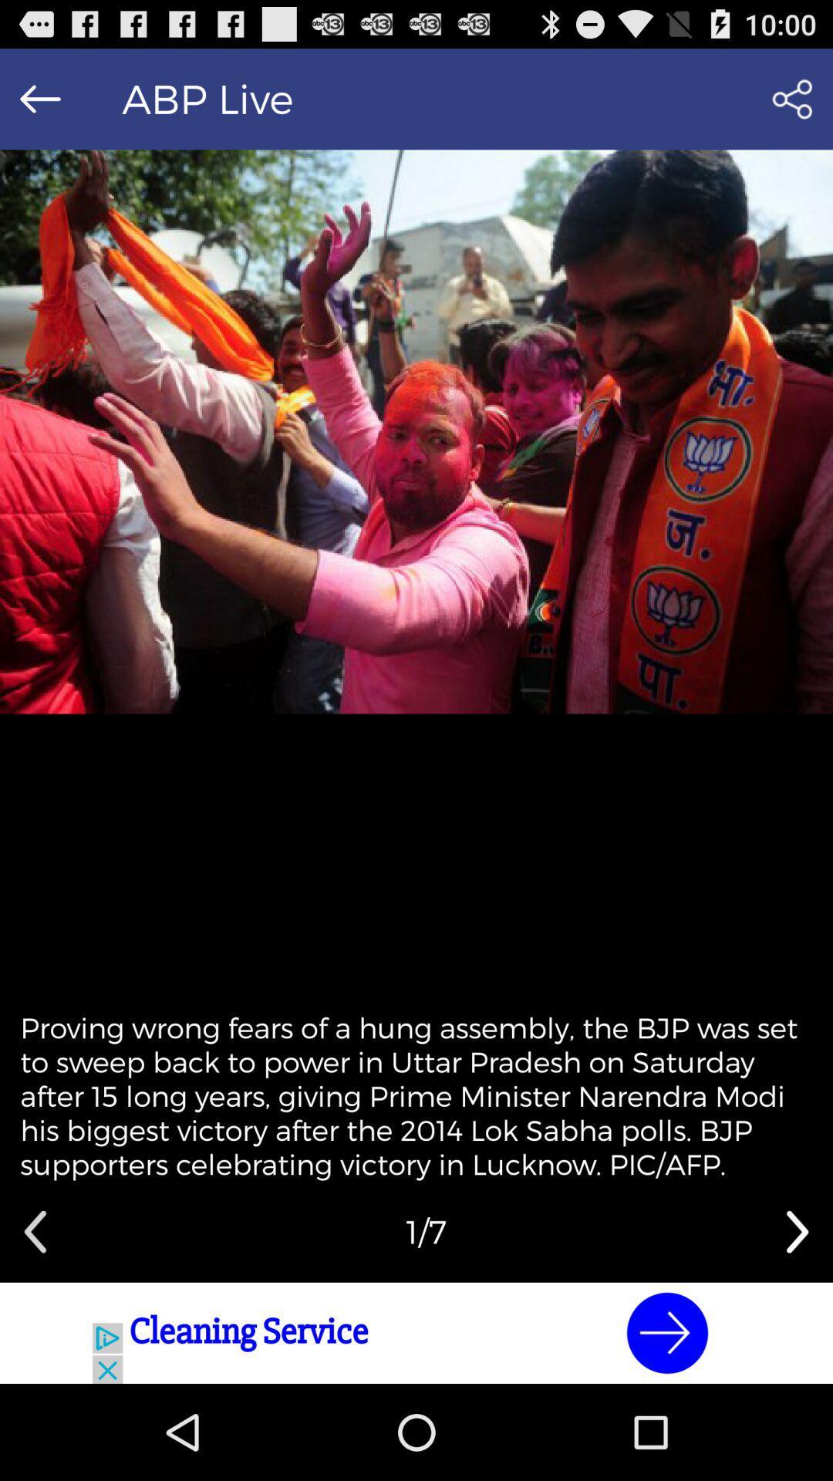  What do you see at coordinates (792, 105) in the screenshot?
I see `the share icon` at bounding box center [792, 105].